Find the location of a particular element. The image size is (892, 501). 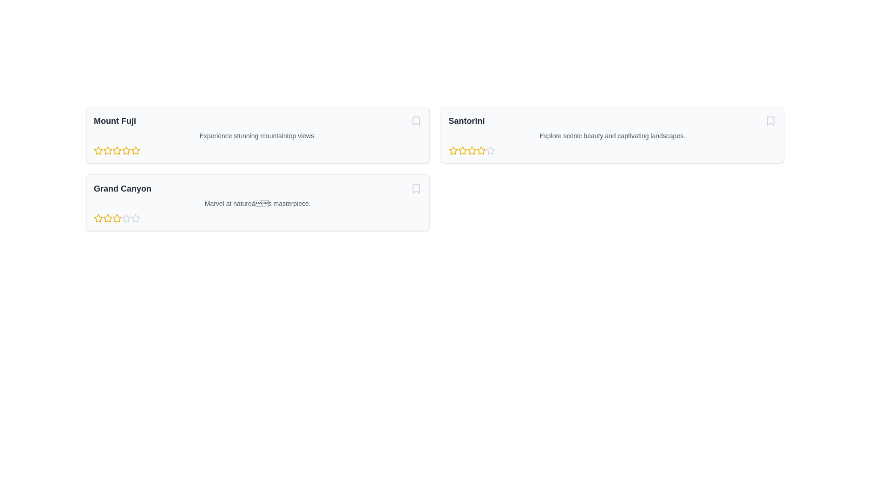

the Bookmark icon for the destination Mount Fuji to toggle its favorite status is located at coordinates (415, 121).